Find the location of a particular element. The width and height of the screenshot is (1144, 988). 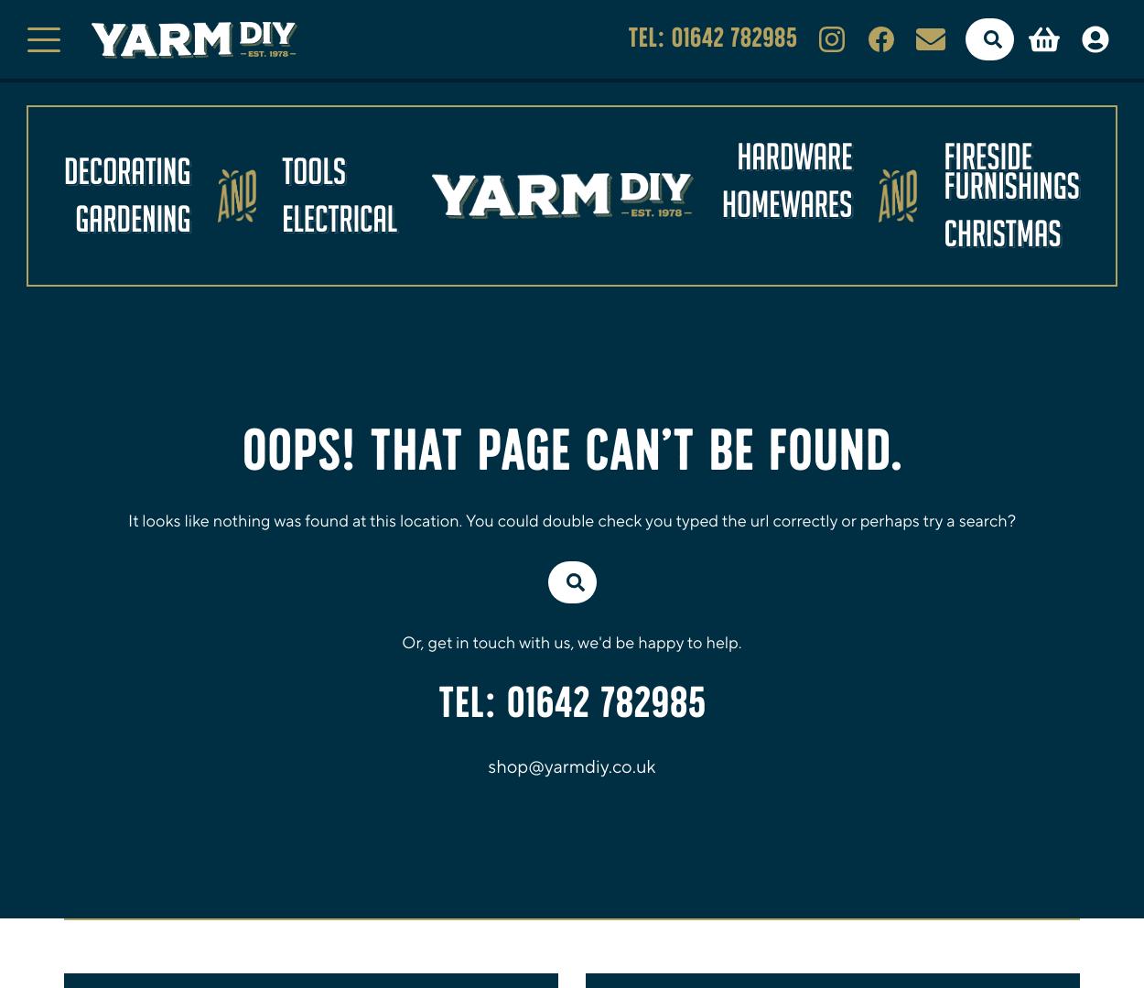

'TEL: 01642 782985' is located at coordinates (570, 703).